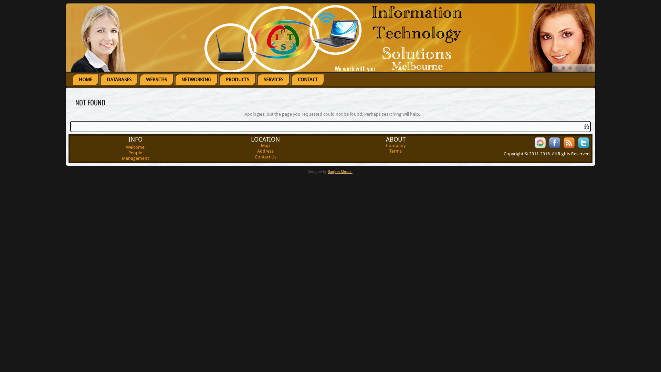 The image size is (661, 372). What do you see at coordinates (196, 79) in the screenshot?
I see `'NETWORKING'` at bounding box center [196, 79].